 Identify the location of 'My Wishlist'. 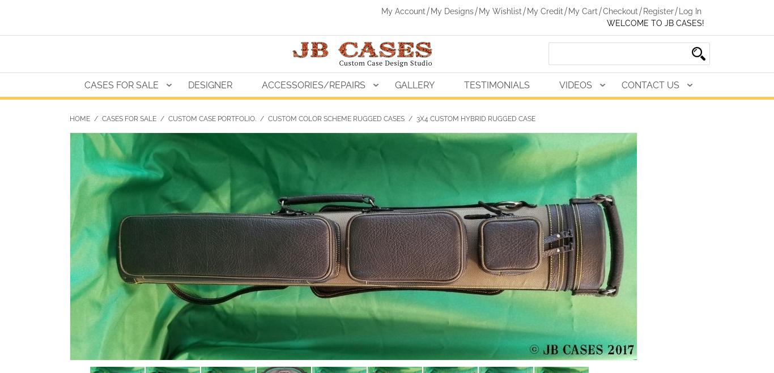
(499, 11).